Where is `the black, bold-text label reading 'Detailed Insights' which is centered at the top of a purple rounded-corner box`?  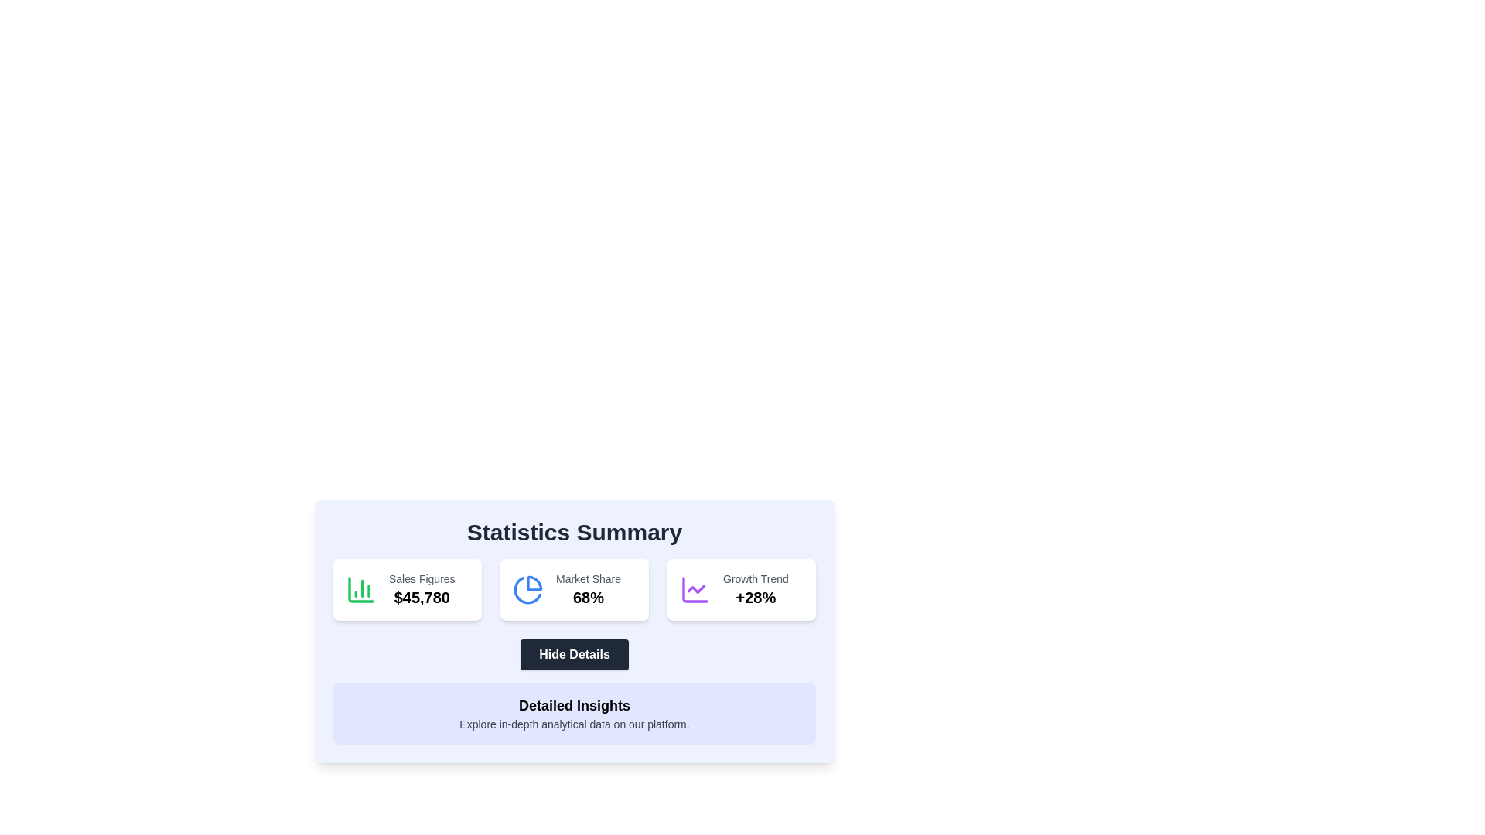 the black, bold-text label reading 'Detailed Insights' which is centered at the top of a purple rounded-corner box is located at coordinates (574, 706).